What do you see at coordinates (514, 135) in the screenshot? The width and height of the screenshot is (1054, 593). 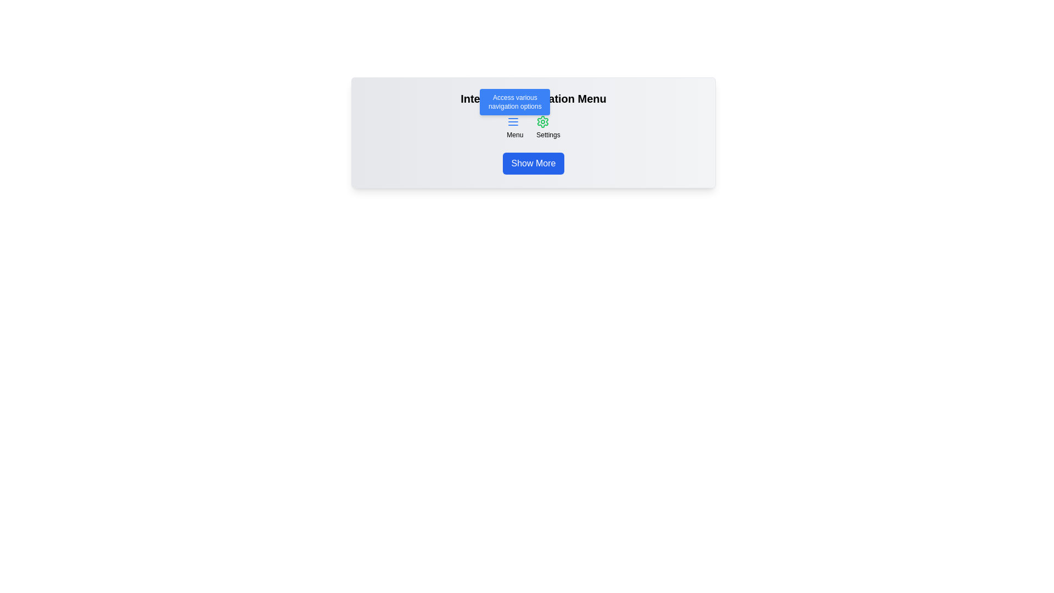 I see `'Menu' text label positioned just below the menu icon, styled with a small font size and centered alignment` at bounding box center [514, 135].